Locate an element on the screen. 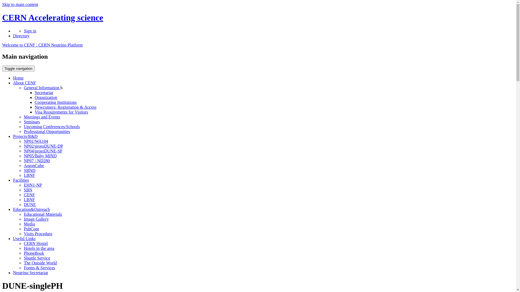  'CERN Hostel' is located at coordinates (35, 243).